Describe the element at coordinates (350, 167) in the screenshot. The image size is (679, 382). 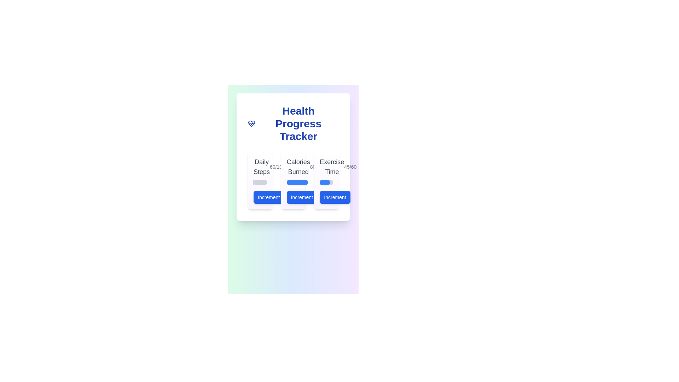
I see `progress indicator text label that shows the current exercise time, which indicates that 45 units out of a target of 60 have been reached, located within the 'Health Progress Tracker' interface` at that location.